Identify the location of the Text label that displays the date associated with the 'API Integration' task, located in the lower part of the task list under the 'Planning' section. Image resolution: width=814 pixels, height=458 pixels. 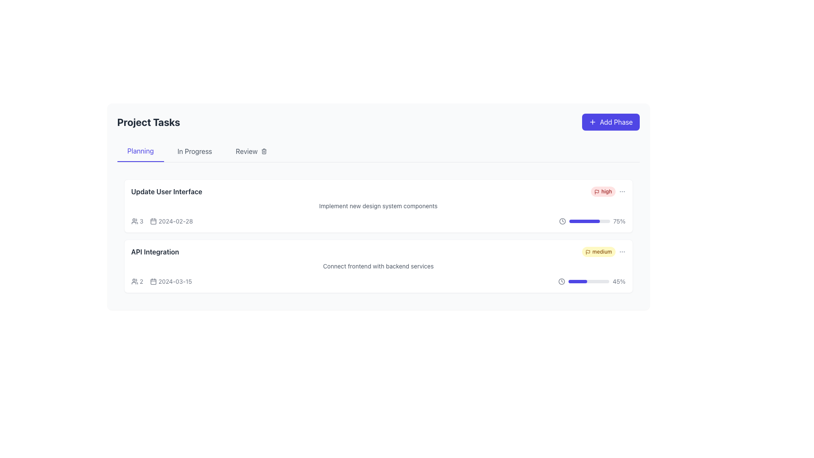
(162, 281).